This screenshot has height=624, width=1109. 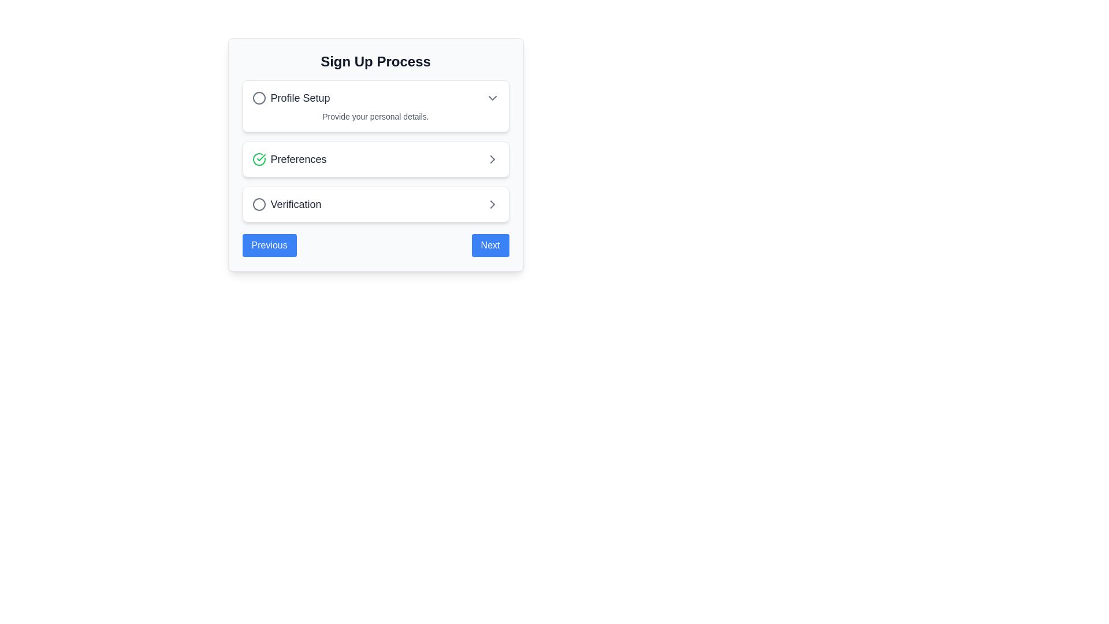 What do you see at coordinates (492, 159) in the screenshot?
I see `the SVG chevron icon indicating navigation in the 'Sign Up Process' panel, located to the far right of the 'Verification' text` at bounding box center [492, 159].